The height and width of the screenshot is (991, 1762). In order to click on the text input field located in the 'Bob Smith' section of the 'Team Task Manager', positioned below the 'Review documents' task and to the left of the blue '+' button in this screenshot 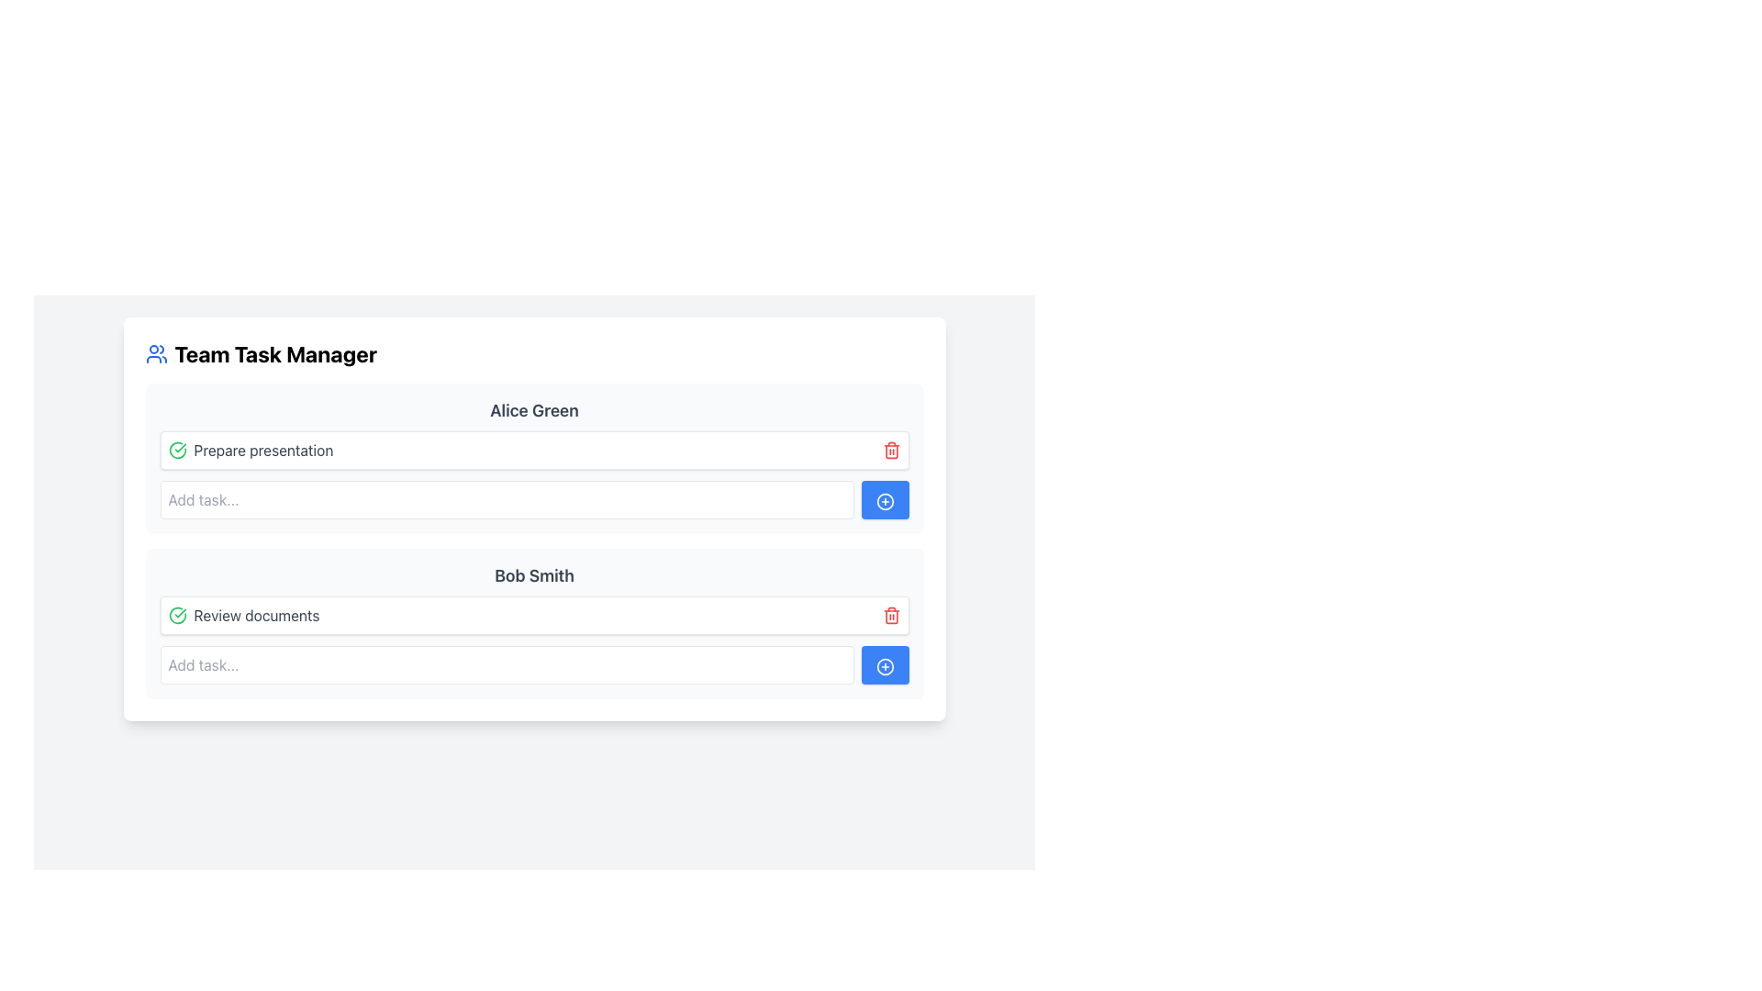, I will do `click(507, 665)`.